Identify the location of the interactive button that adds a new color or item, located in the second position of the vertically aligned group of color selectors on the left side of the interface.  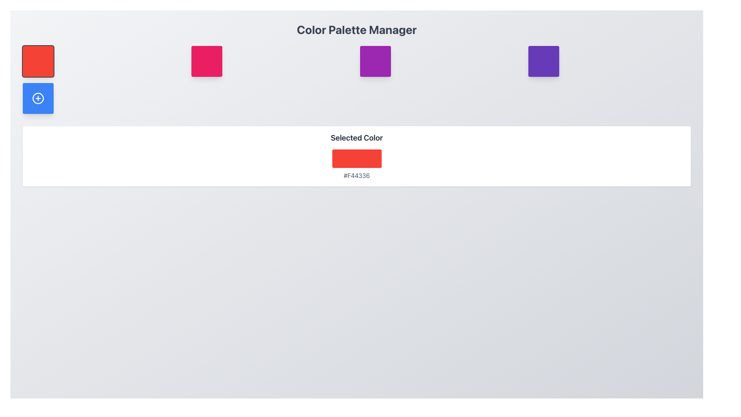
(38, 98).